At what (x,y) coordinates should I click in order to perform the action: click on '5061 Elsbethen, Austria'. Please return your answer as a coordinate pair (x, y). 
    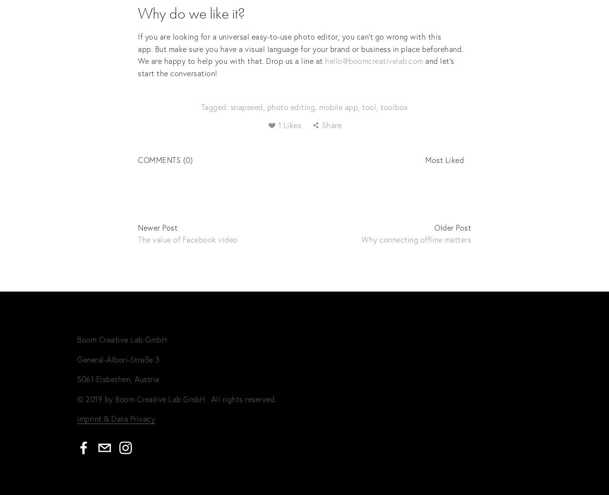
    Looking at the image, I should click on (117, 378).